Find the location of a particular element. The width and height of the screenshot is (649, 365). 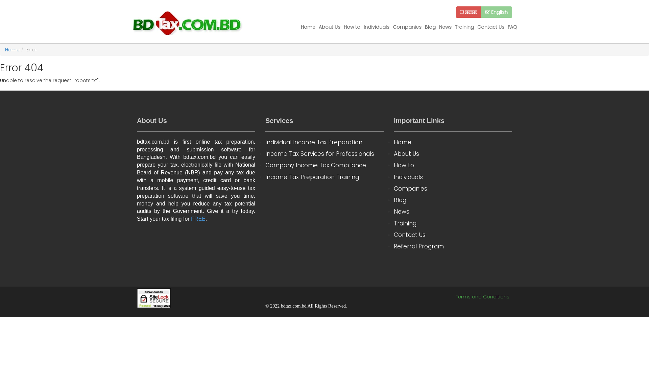

'About Us' is located at coordinates (453, 154).